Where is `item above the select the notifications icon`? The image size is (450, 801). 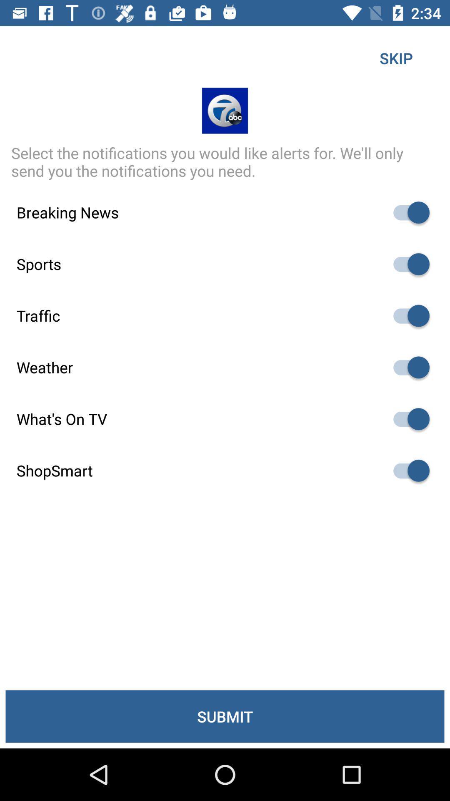 item above the select the notifications icon is located at coordinates (396, 58).